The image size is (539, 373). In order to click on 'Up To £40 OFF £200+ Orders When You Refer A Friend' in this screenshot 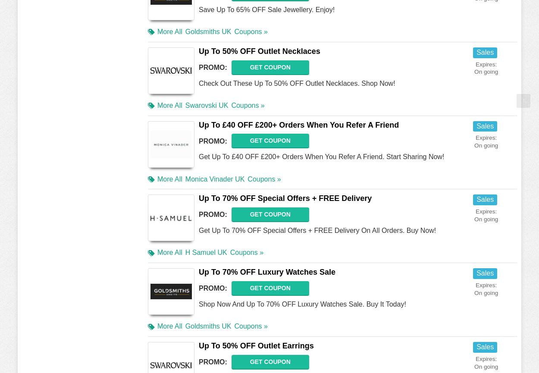, I will do `click(298, 124)`.